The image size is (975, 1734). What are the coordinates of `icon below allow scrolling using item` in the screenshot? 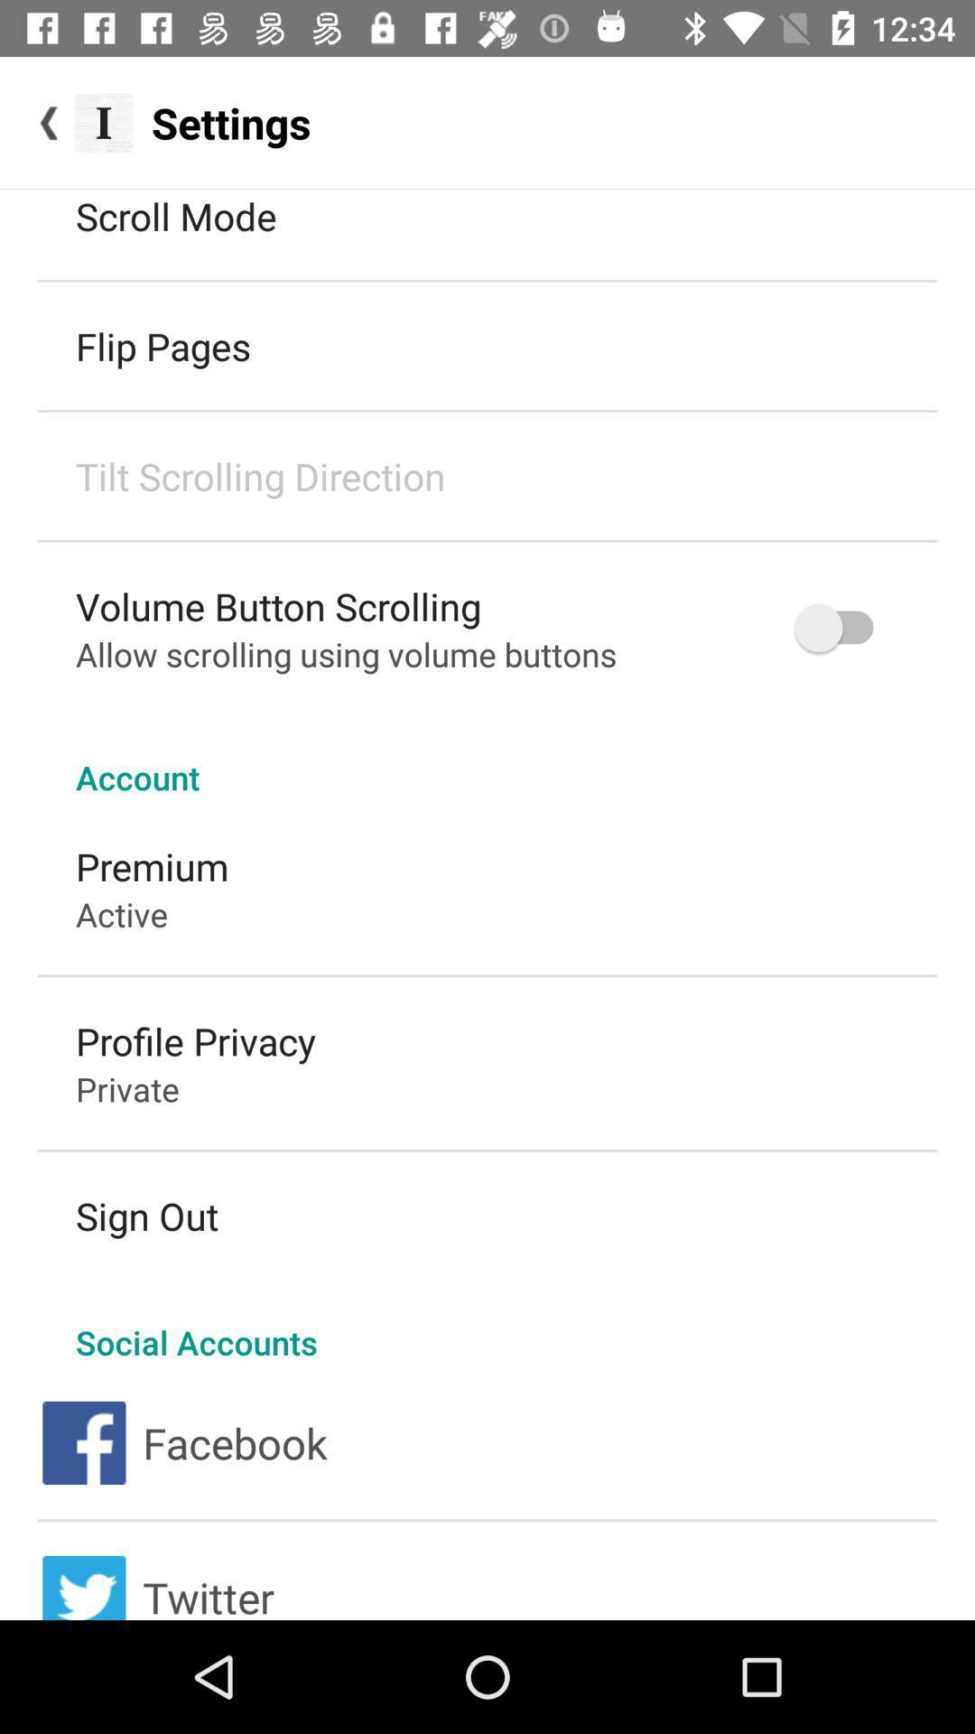 It's located at (487, 759).